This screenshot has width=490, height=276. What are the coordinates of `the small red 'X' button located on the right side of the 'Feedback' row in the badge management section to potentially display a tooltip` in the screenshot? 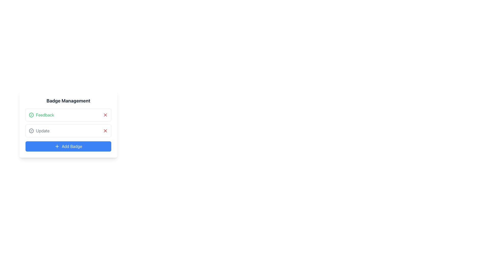 It's located at (105, 115).